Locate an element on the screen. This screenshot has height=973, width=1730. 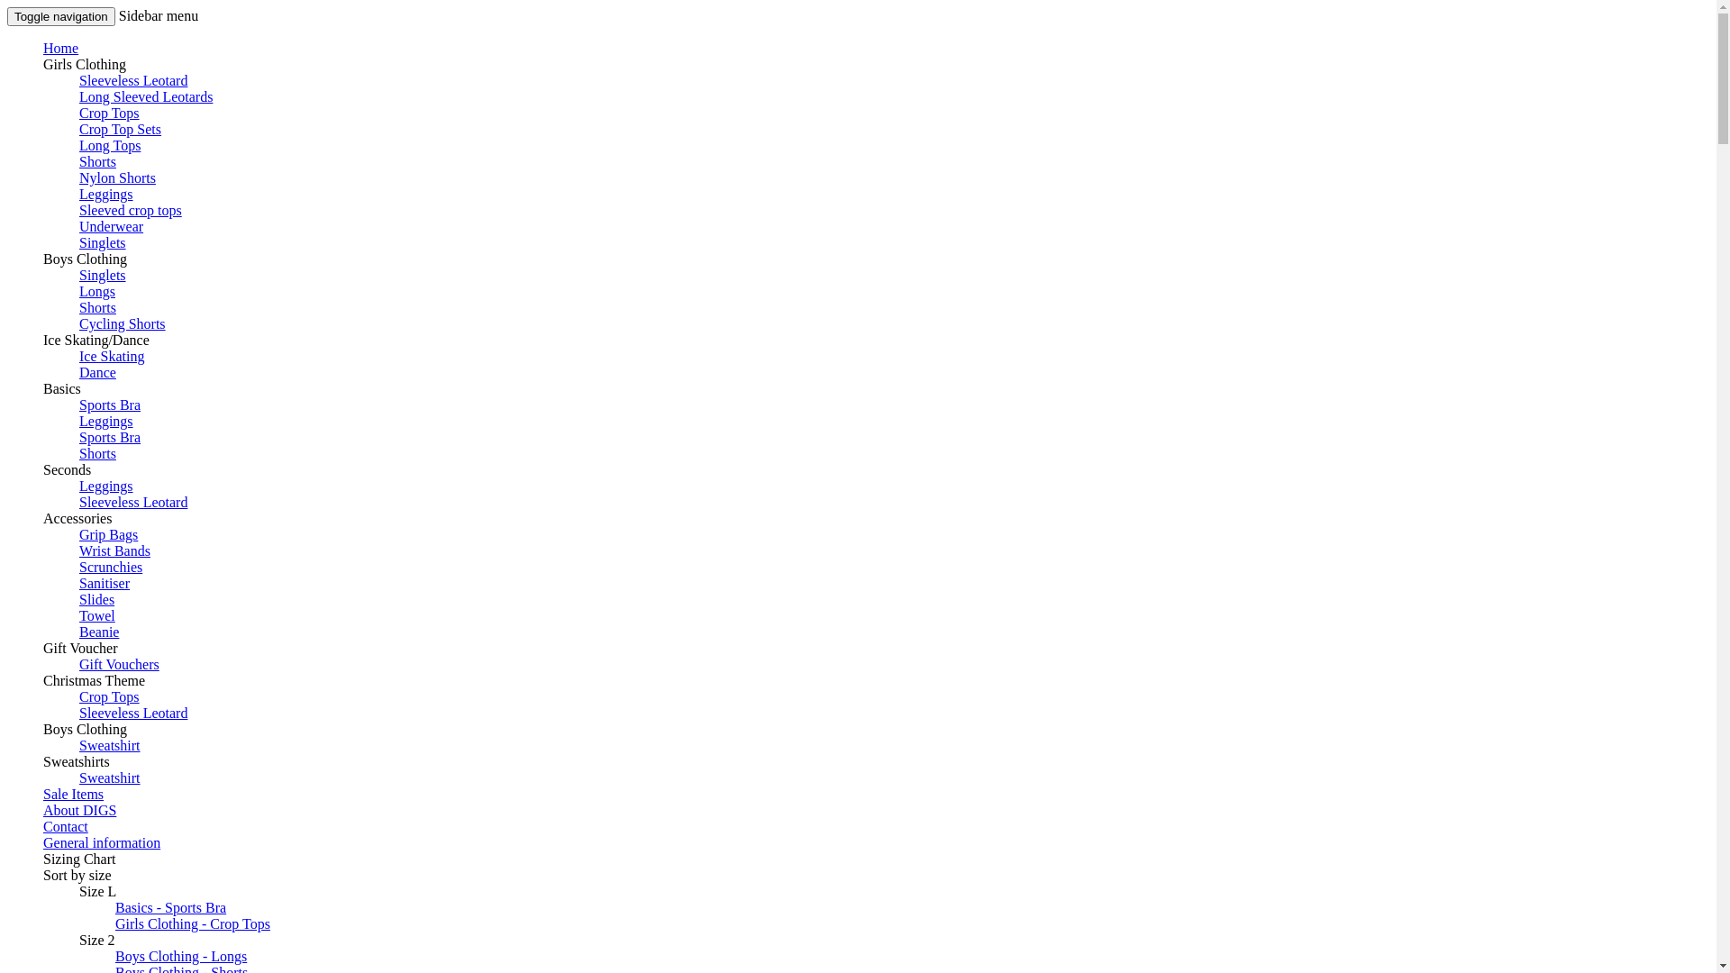
'Singlets' is located at coordinates (102, 275).